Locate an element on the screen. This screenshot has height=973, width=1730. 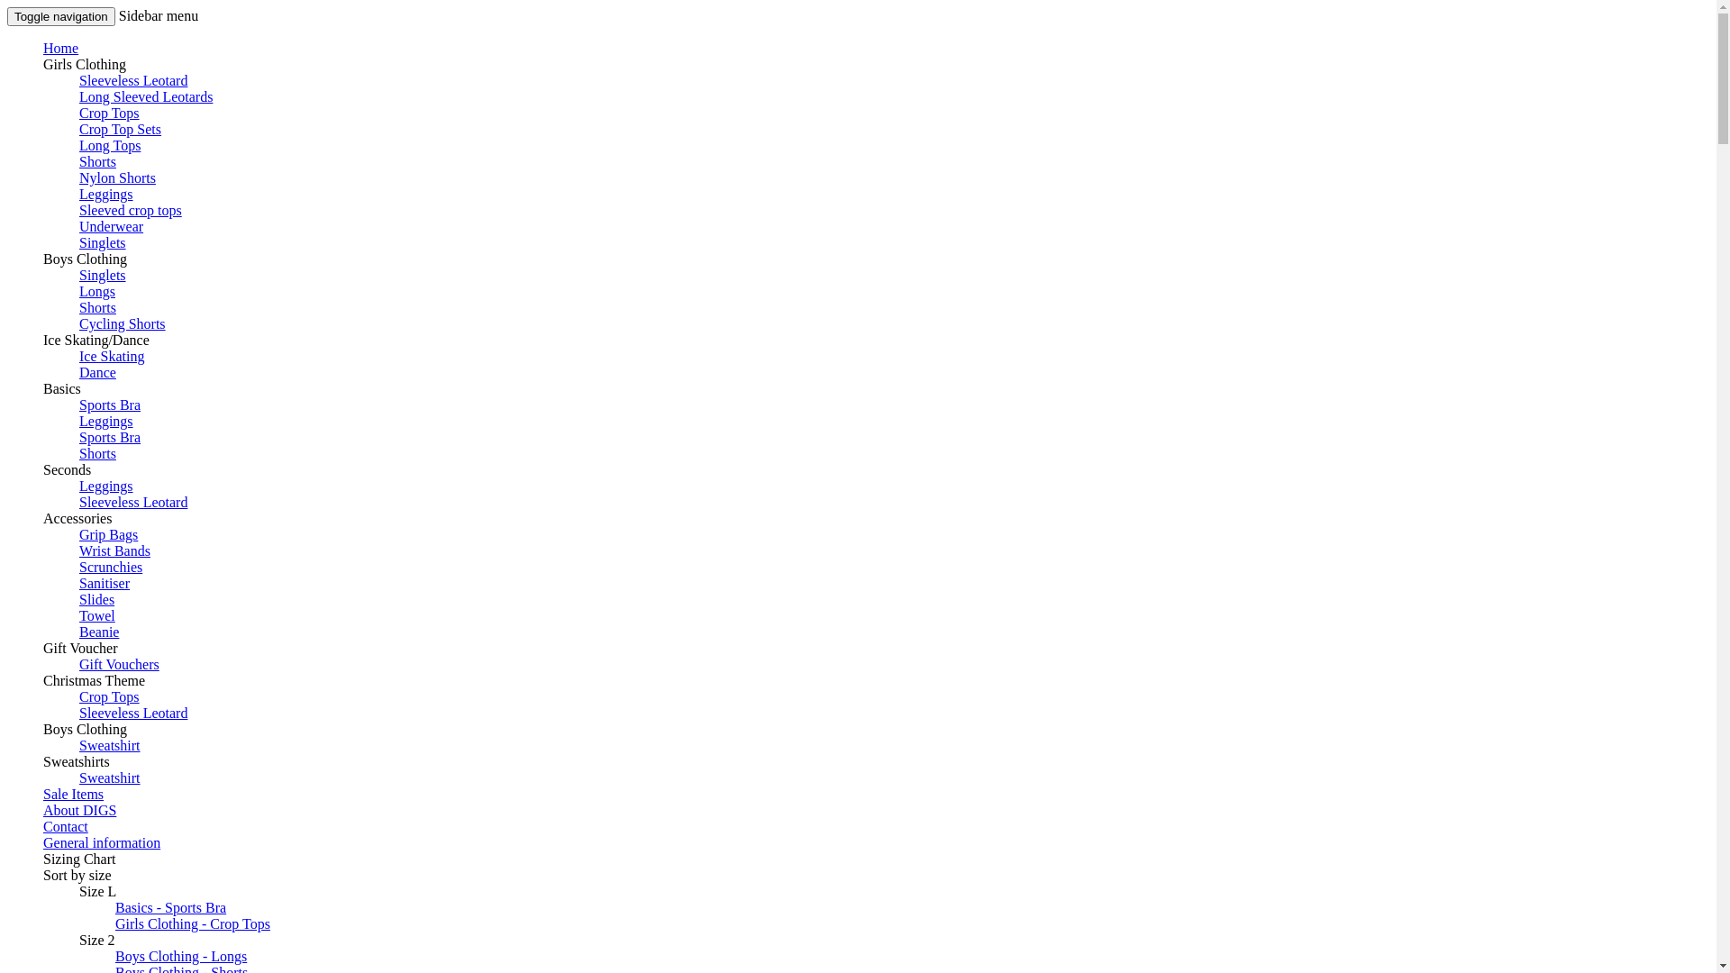
'Singlets' is located at coordinates (102, 275).